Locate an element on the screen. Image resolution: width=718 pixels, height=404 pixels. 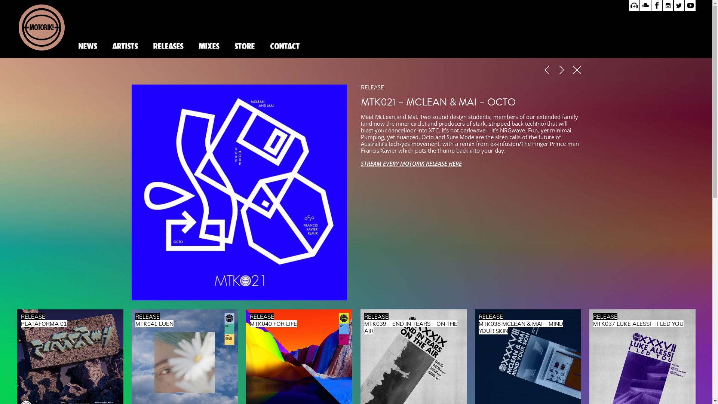
'MIXES' is located at coordinates (208, 45).